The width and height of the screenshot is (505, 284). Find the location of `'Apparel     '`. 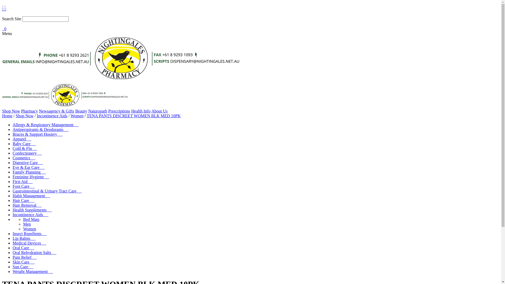

'Apparel     ' is located at coordinates (22, 139).